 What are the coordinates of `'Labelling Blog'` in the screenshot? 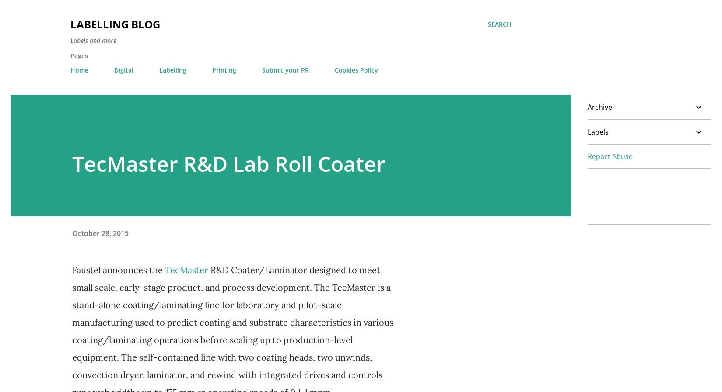 It's located at (115, 24).